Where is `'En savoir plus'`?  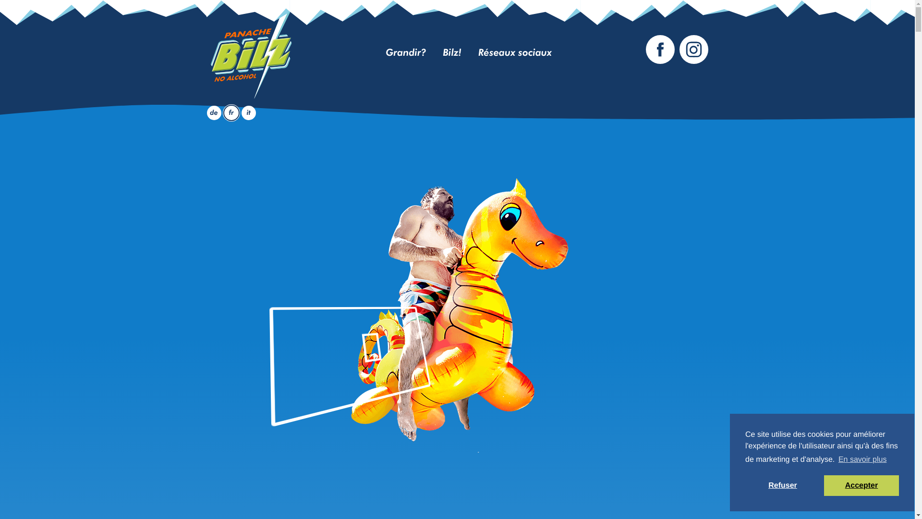
'En savoir plus' is located at coordinates (862, 459).